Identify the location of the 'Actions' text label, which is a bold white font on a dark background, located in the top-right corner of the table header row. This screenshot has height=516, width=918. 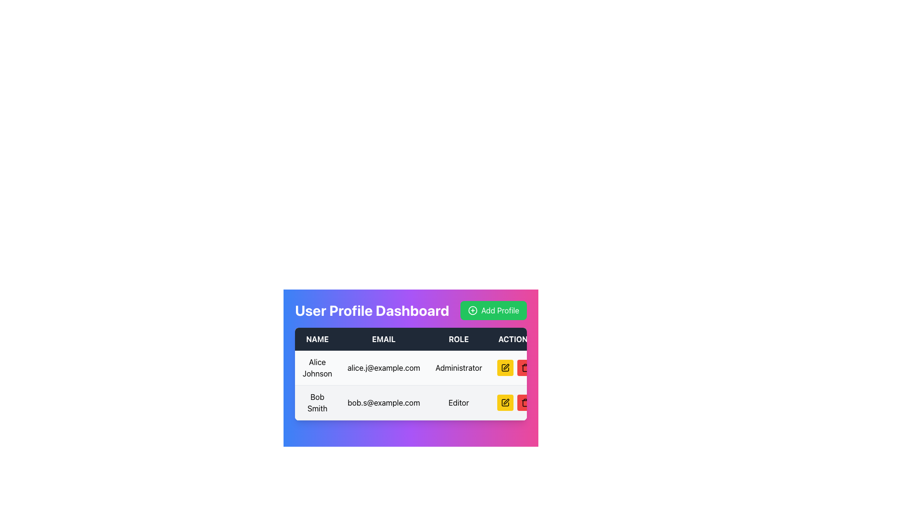
(515, 338).